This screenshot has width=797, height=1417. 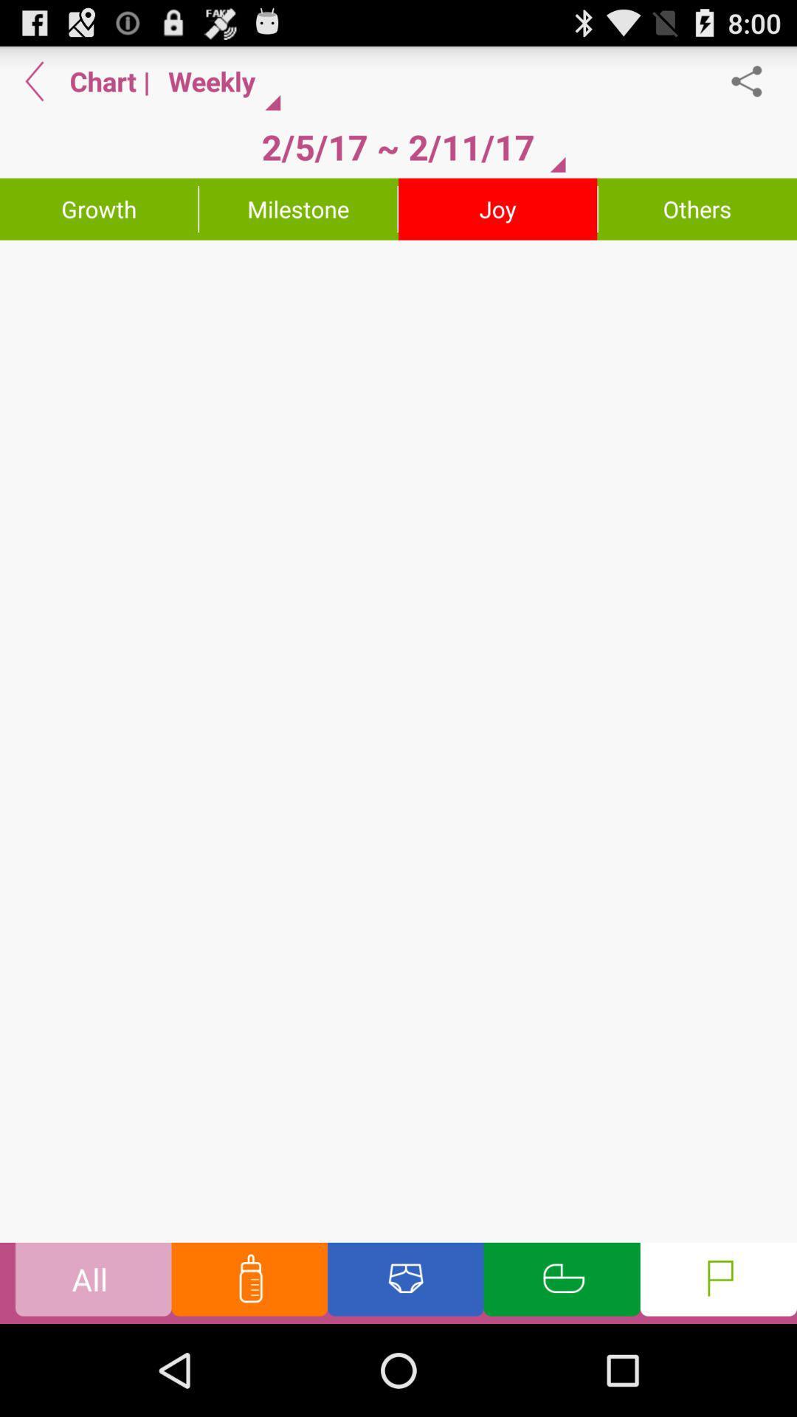 What do you see at coordinates (754, 80) in the screenshot?
I see `the icon above the others button` at bounding box center [754, 80].